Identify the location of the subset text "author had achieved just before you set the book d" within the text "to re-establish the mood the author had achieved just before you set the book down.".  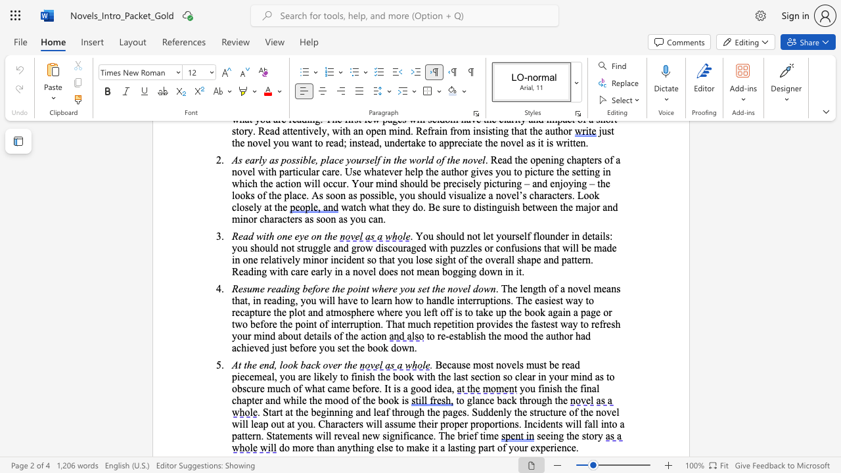
(546, 335).